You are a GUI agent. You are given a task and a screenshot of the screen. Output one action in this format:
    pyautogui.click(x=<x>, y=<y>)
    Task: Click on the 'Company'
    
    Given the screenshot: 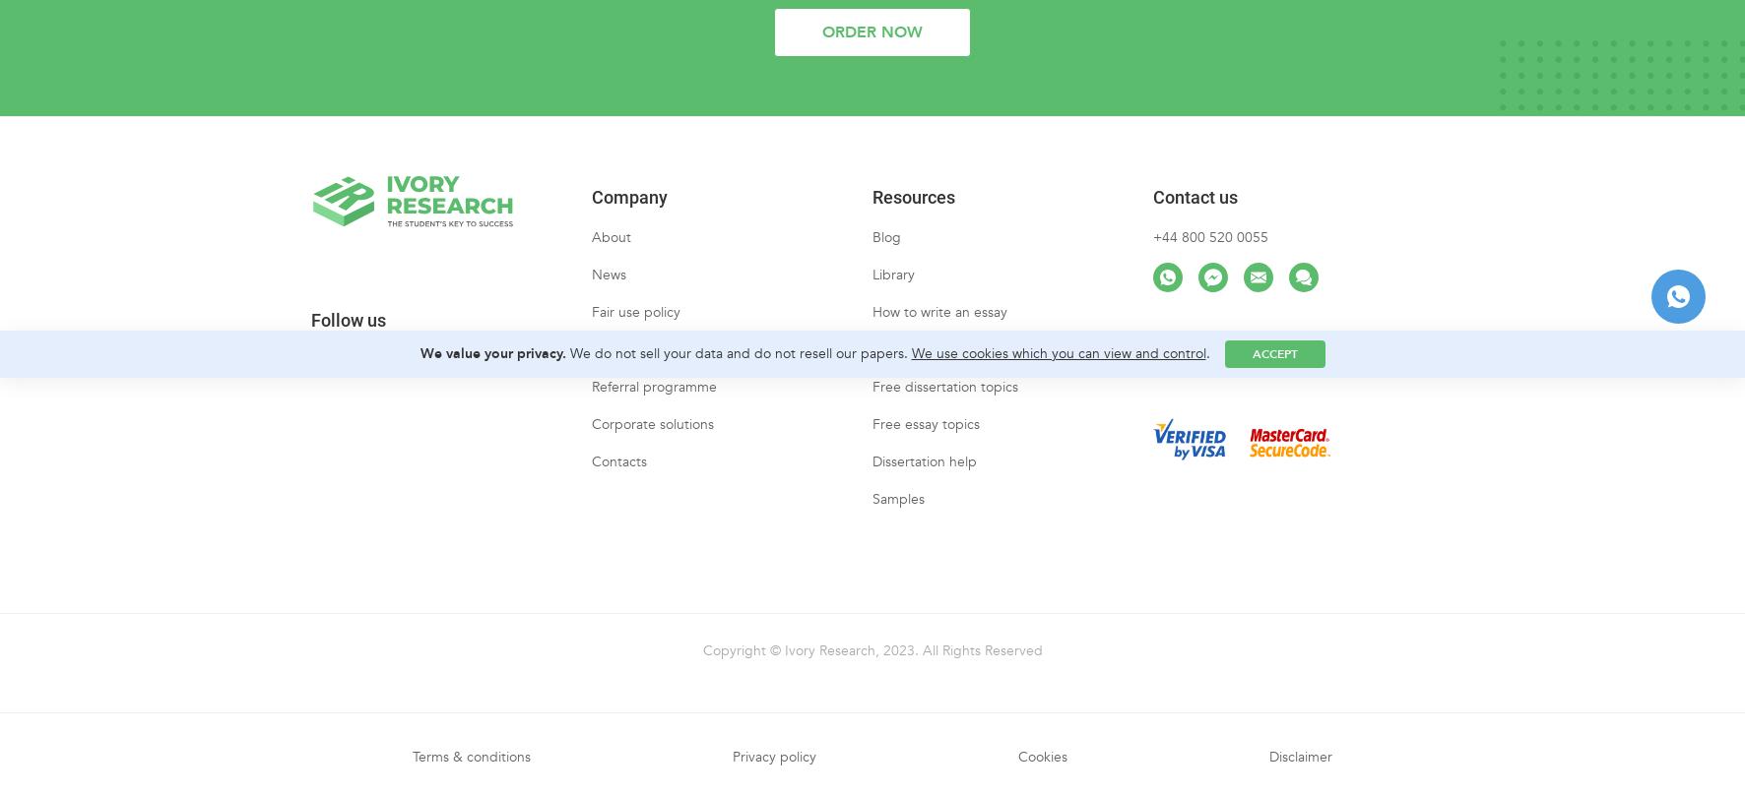 What is the action you would take?
    pyautogui.click(x=592, y=214)
    